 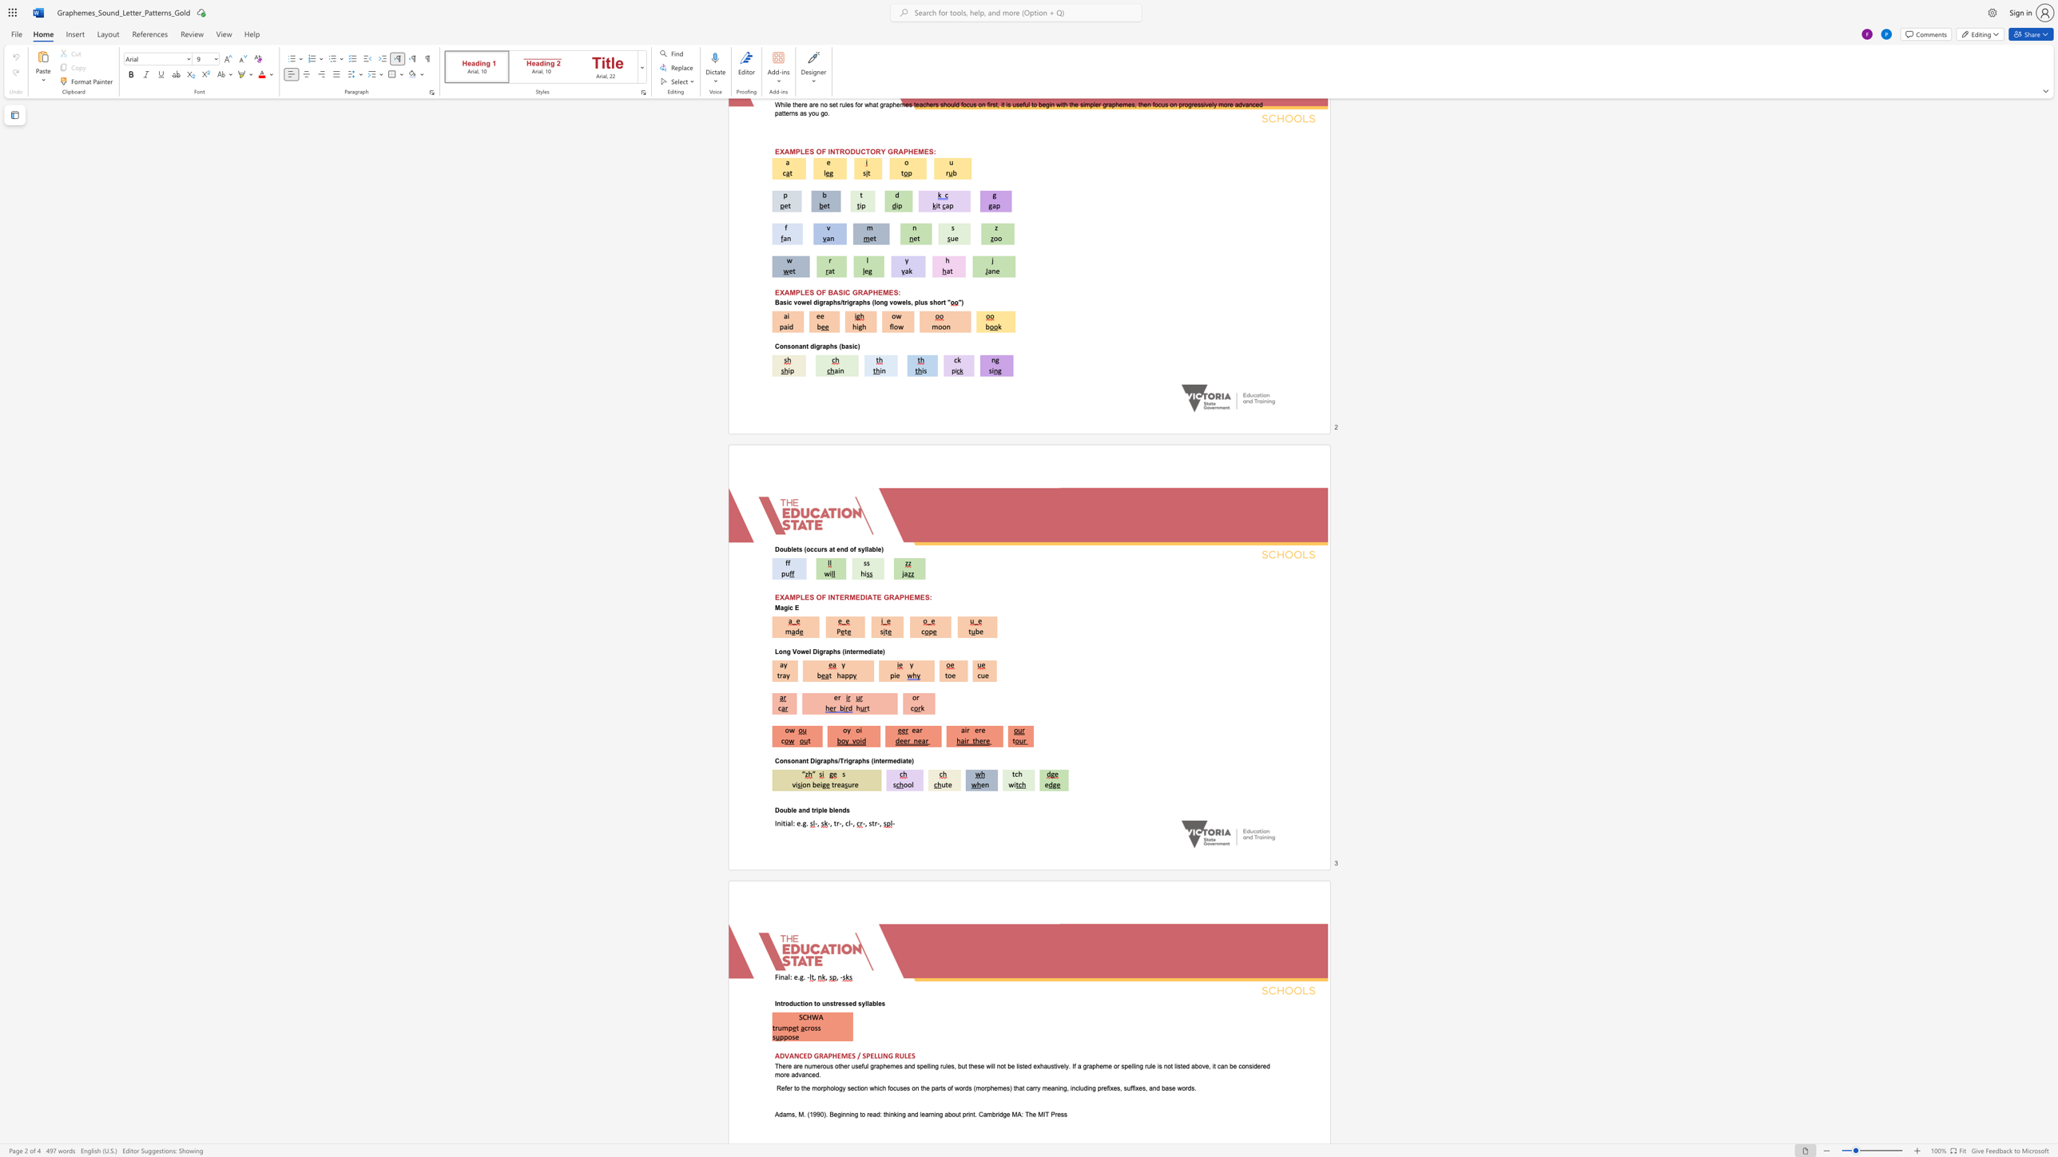 What do you see at coordinates (808, 650) in the screenshot?
I see `the subset text "l Digr" within the text "Long Vowel Digraphs (intermediate)"` at bounding box center [808, 650].